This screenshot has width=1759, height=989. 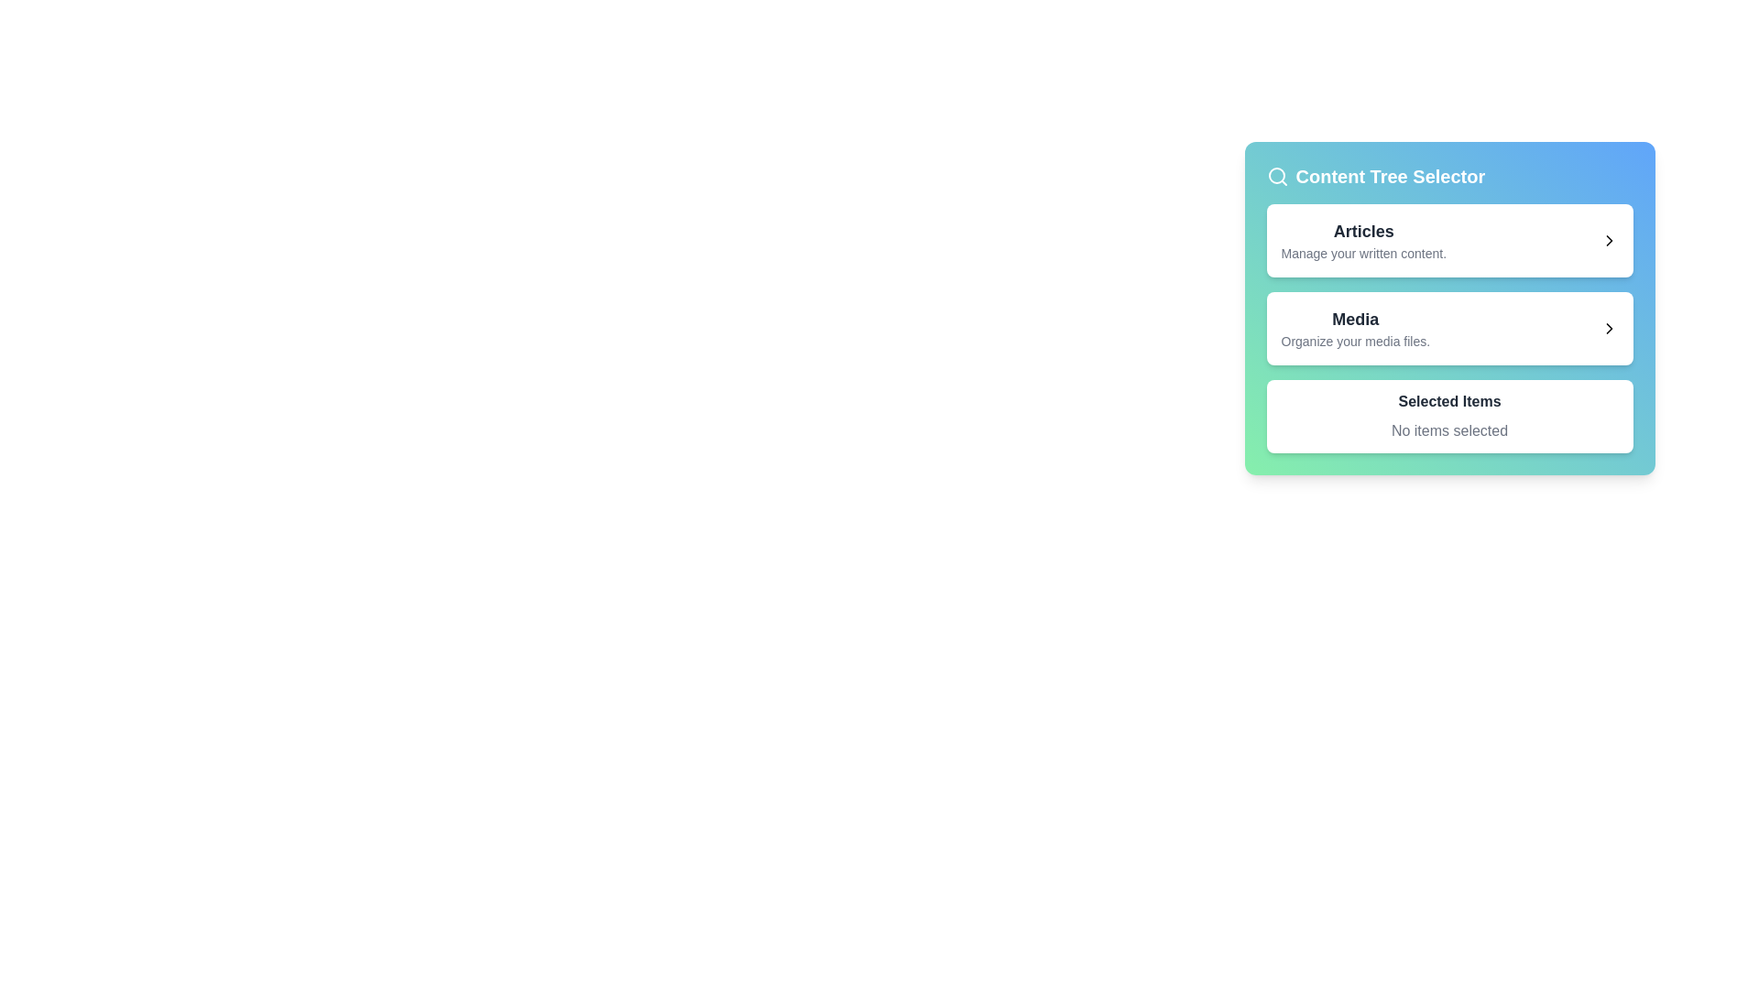 I want to click on the decorative circular shape that is part of the search icon located in the top-left corner of the 'Content Tree Selector' panel, so click(x=1275, y=176).